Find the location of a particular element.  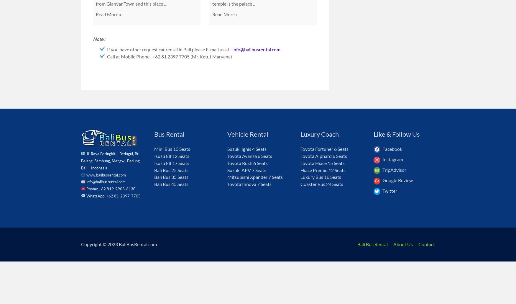

'Instagram' is located at coordinates (392, 159).